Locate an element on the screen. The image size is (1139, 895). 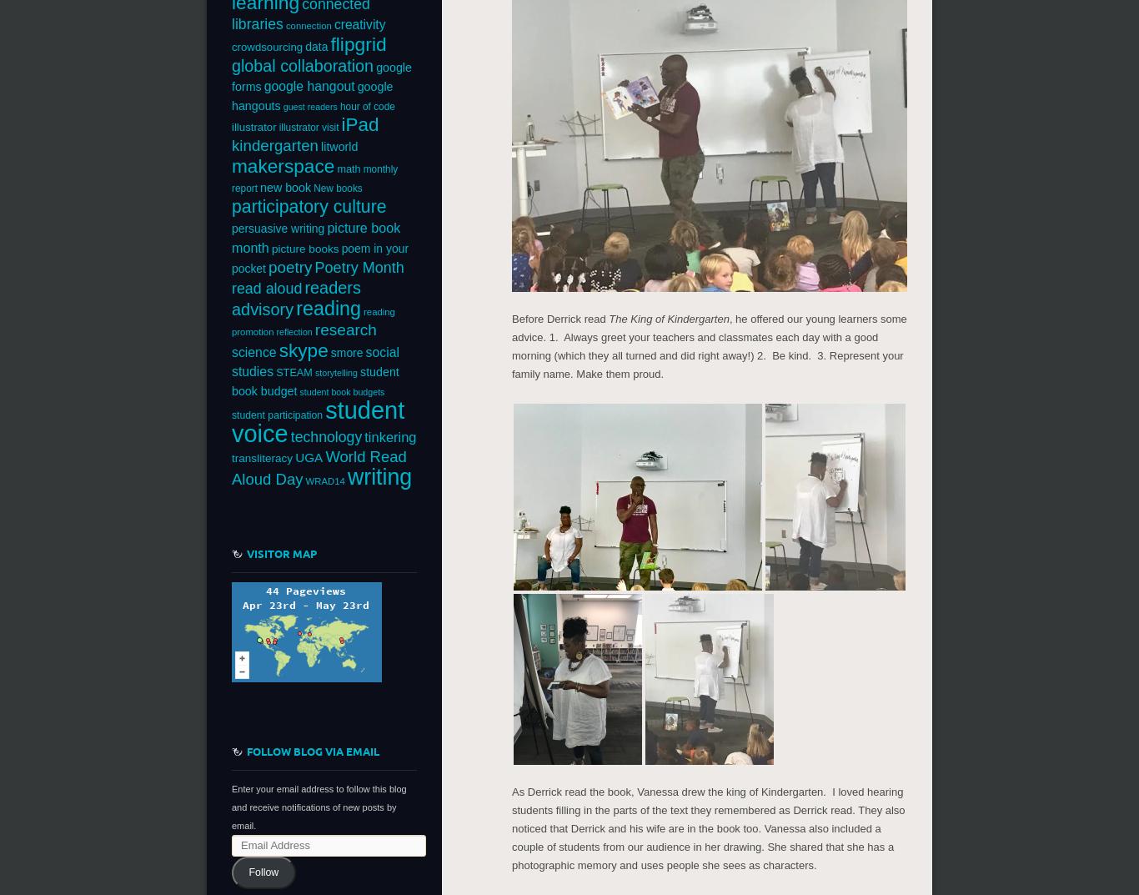
'picture book month' is located at coordinates (315, 236).